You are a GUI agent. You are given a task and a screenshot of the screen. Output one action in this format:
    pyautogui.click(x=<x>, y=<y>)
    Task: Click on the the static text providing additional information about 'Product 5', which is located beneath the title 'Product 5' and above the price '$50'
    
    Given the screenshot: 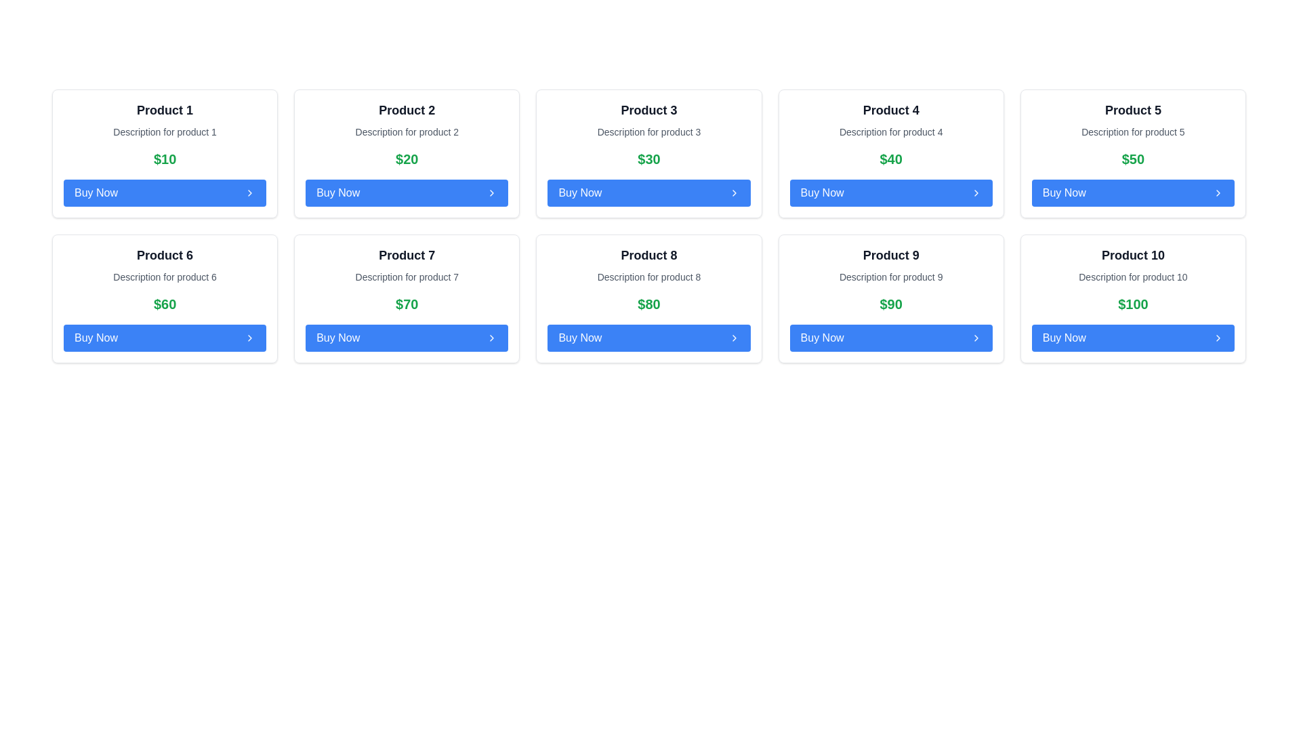 What is the action you would take?
    pyautogui.click(x=1133, y=132)
    